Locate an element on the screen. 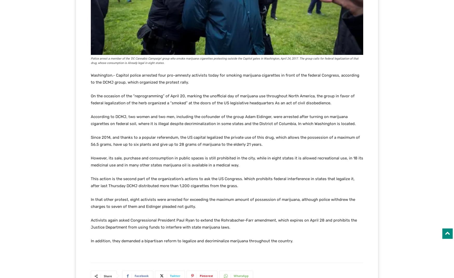 The image size is (454, 278). 'This action is the second part of the organization’s actions to ask the US Congress. Which prohibits federal interference in states that legalize it, after last Thursday DCMJ distributed more than 1,200 cigarettes from the grass.' is located at coordinates (223, 182).